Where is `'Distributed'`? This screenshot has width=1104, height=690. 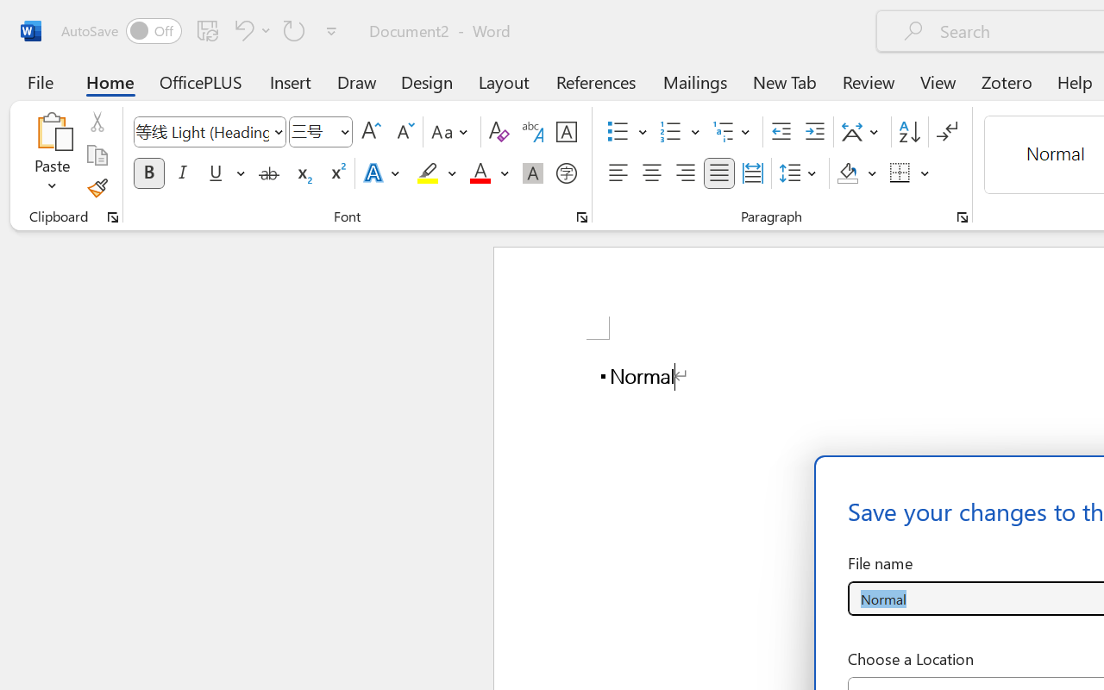
'Distributed' is located at coordinates (752, 173).